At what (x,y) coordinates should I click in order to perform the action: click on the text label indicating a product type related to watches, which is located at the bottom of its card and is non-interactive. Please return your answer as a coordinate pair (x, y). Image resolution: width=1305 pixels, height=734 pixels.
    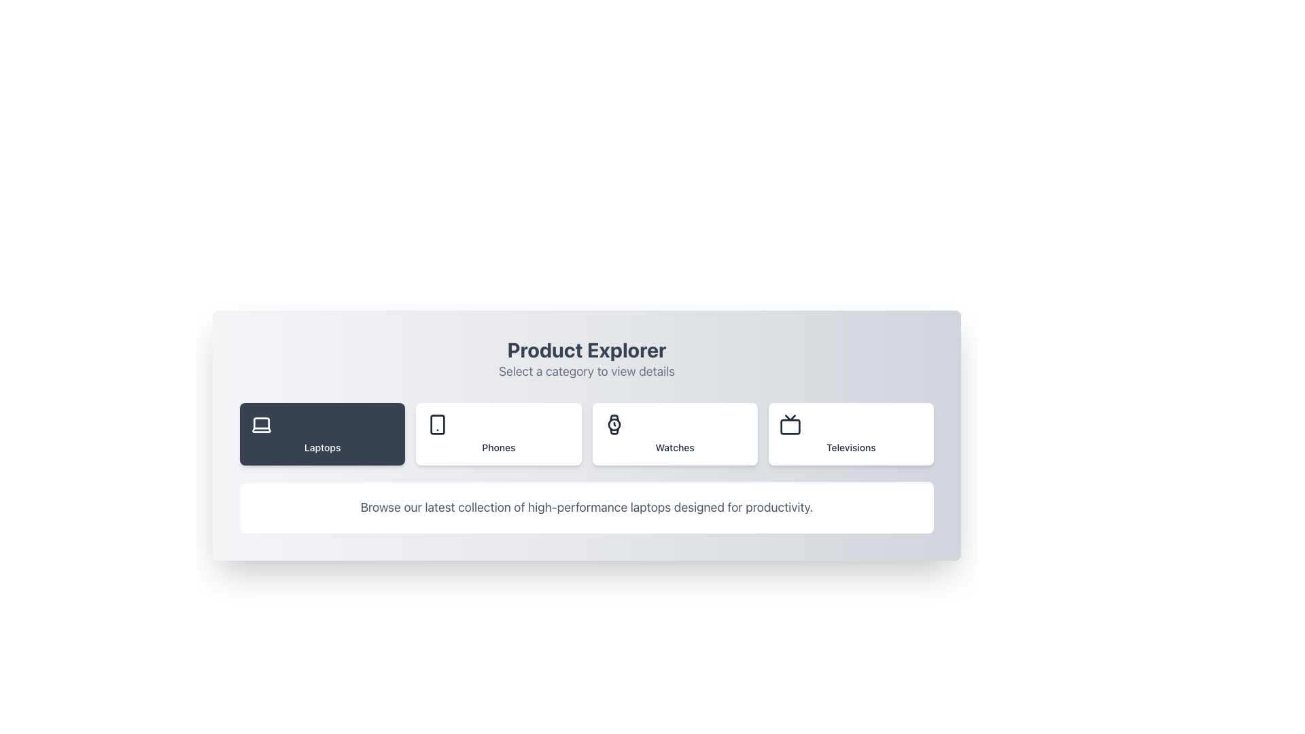
    Looking at the image, I should click on (675, 448).